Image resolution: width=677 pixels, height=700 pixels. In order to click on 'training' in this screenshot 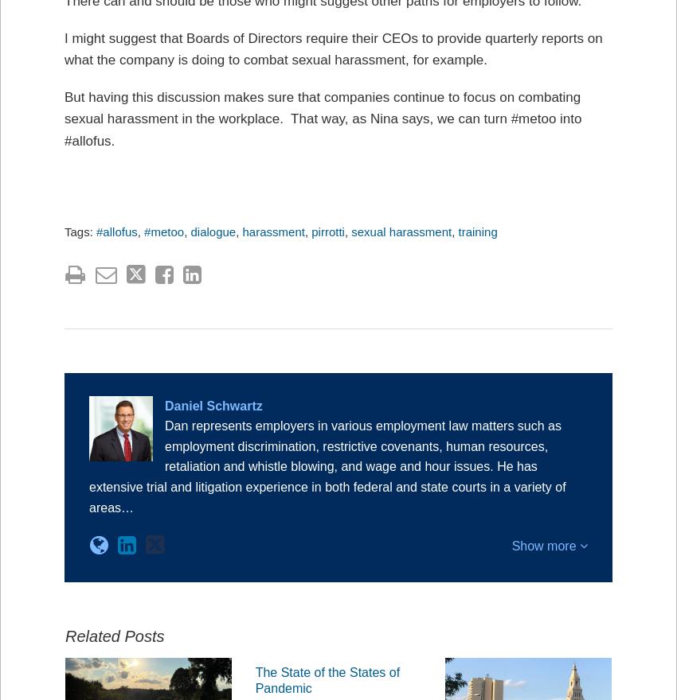, I will do `click(458, 231)`.